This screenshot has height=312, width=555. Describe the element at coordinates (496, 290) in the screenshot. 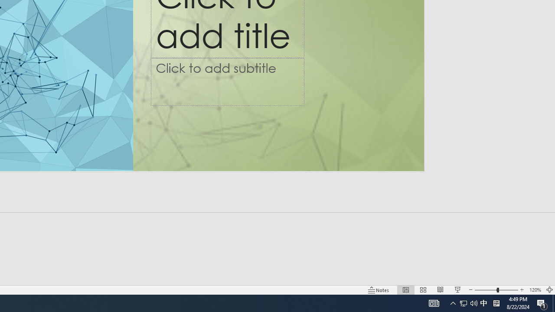

I see `'Zoom'` at that location.